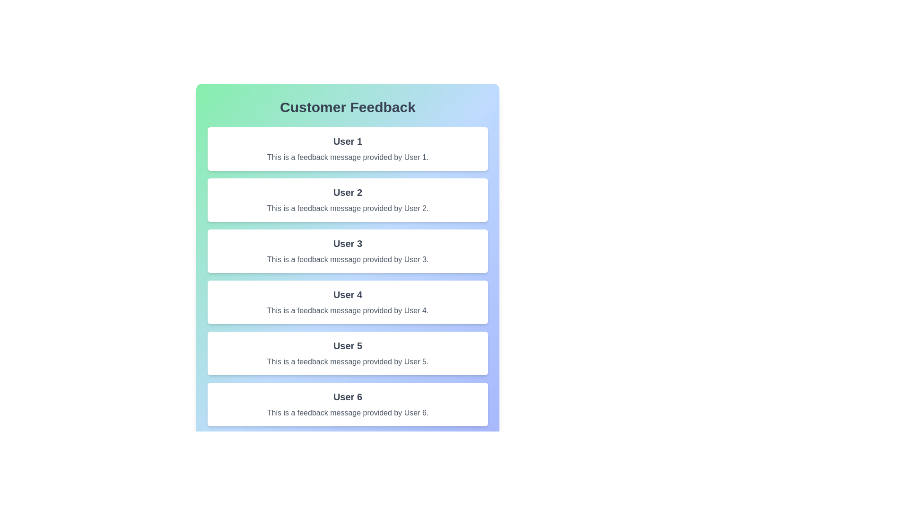 This screenshot has width=908, height=511. Describe the element at coordinates (347, 294) in the screenshot. I see `the text label that identifies the user associated with the feedback in the feedback card titled 'User 4'` at that location.